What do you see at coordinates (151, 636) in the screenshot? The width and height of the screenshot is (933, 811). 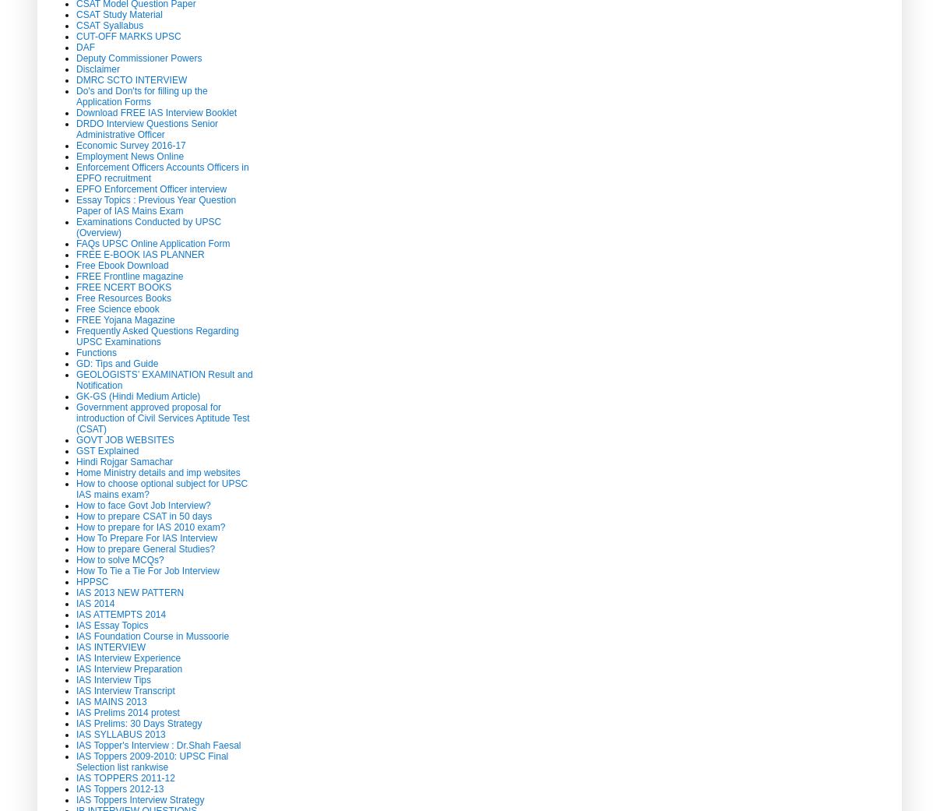 I see `'IAS Foundation Course in Mussoorie'` at bounding box center [151, 636].